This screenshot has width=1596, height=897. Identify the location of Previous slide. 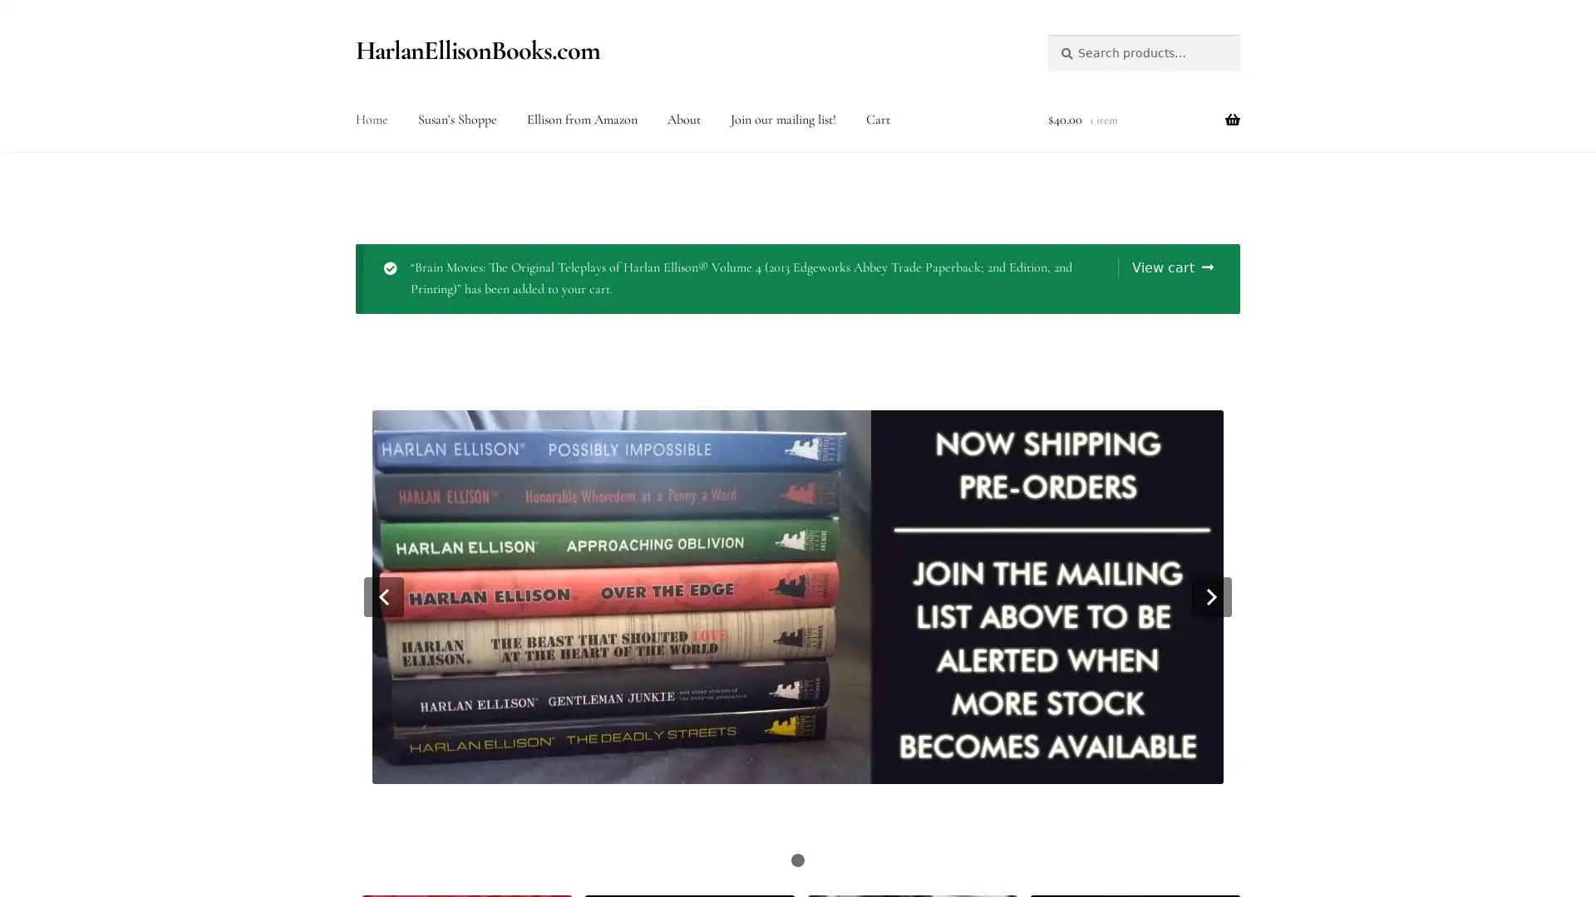
(382, 595).